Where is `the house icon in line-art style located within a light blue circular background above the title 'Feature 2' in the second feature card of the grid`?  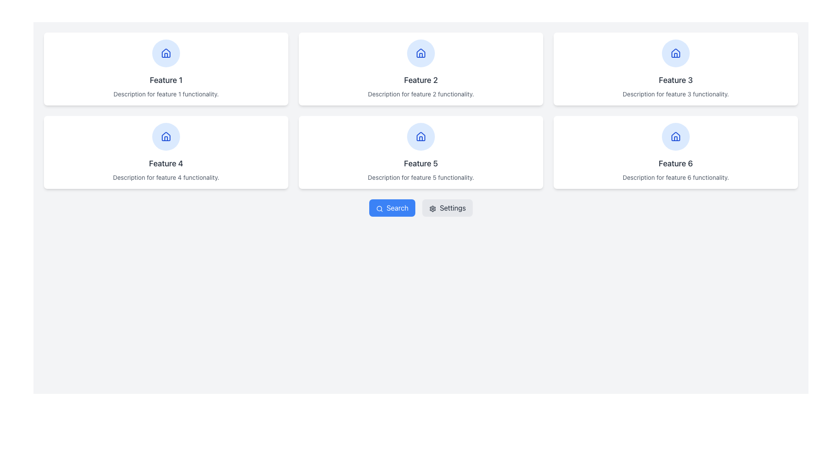
the house icon in line-art style located within a light blue circular background above the title 'Feature 2' in the second feature card of the grid is located at coordinates (421, 53).